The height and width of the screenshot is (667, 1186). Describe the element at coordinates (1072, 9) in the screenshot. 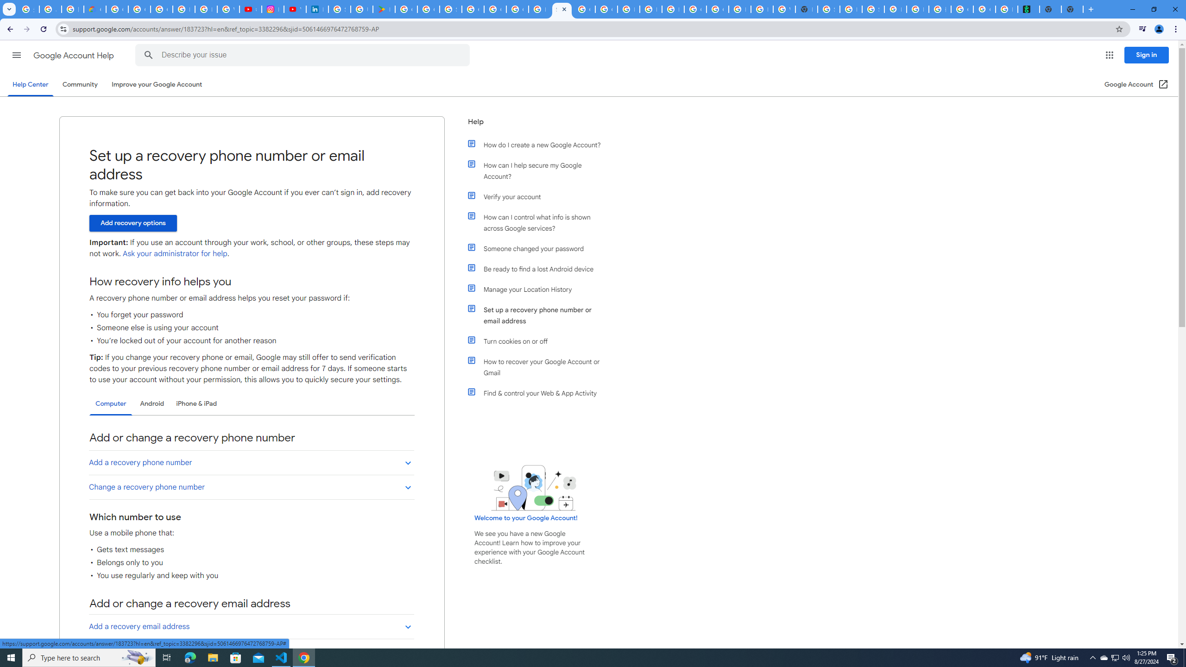

I see `'New Tab'` at that location.